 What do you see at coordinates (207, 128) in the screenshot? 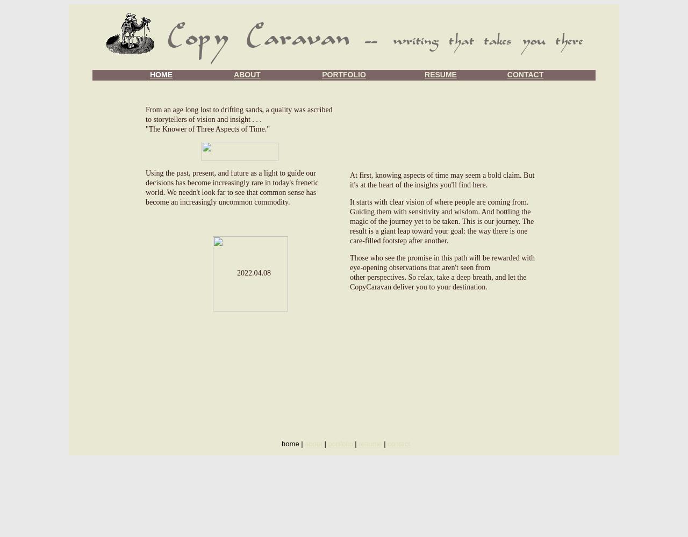
I see `'"The Knower of Three Aspects of Time."'` at bounding box center [207, 128].